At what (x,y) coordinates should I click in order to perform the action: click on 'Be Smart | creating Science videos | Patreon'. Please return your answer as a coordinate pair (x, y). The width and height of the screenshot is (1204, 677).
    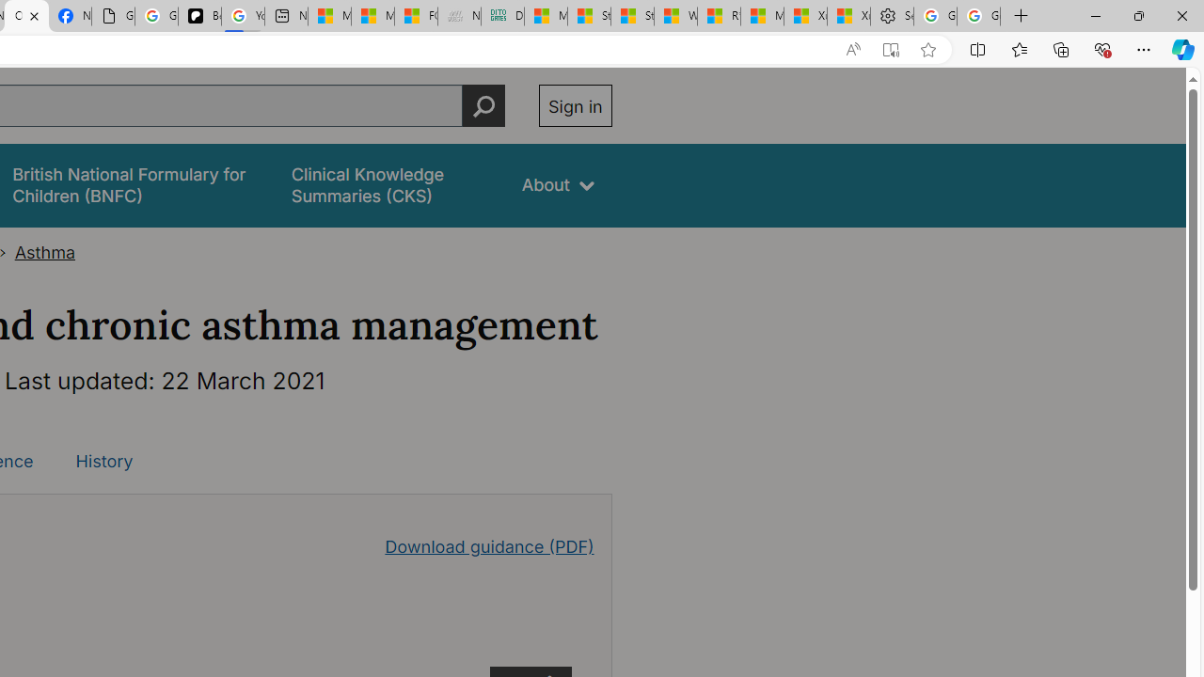
    Looking at the image, I should click on (199, 16).